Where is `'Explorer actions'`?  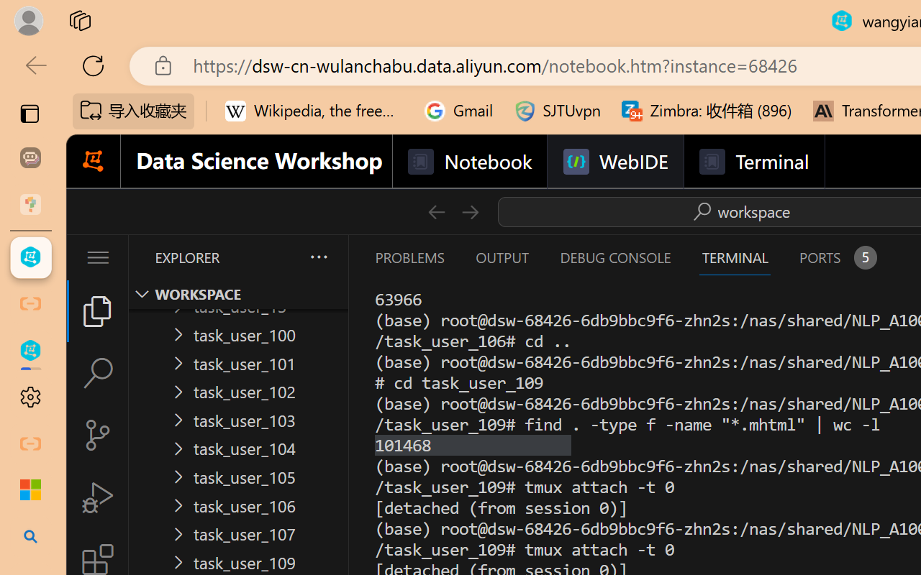
'Explorer actions' is located at coordinates (281, 257).